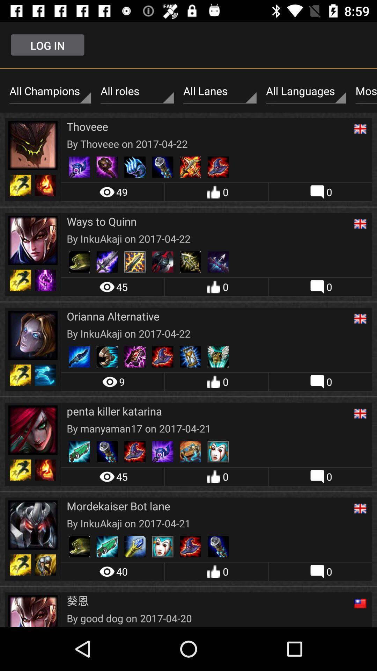 This screenshot has width=377, height=671. I want to click on icon to the right of all lanes icon, so click(305, 91).